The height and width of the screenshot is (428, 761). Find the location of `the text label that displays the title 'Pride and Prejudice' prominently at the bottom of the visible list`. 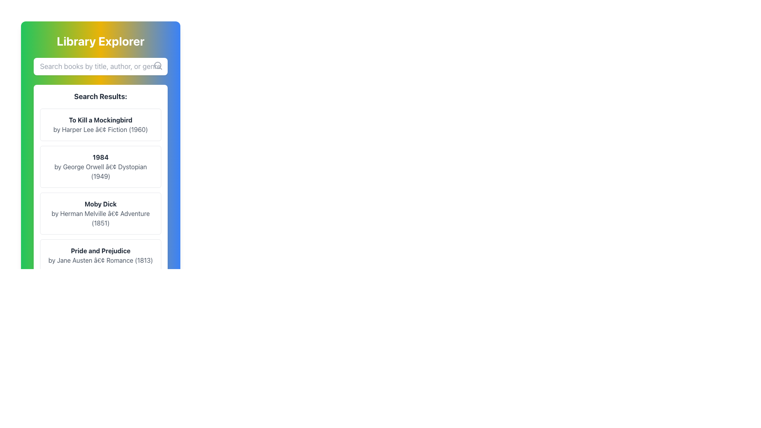

the text label that displays the title 'Pride and Prejudice' prominently at the bottom of the visible list is located at coordinates (100, 250).